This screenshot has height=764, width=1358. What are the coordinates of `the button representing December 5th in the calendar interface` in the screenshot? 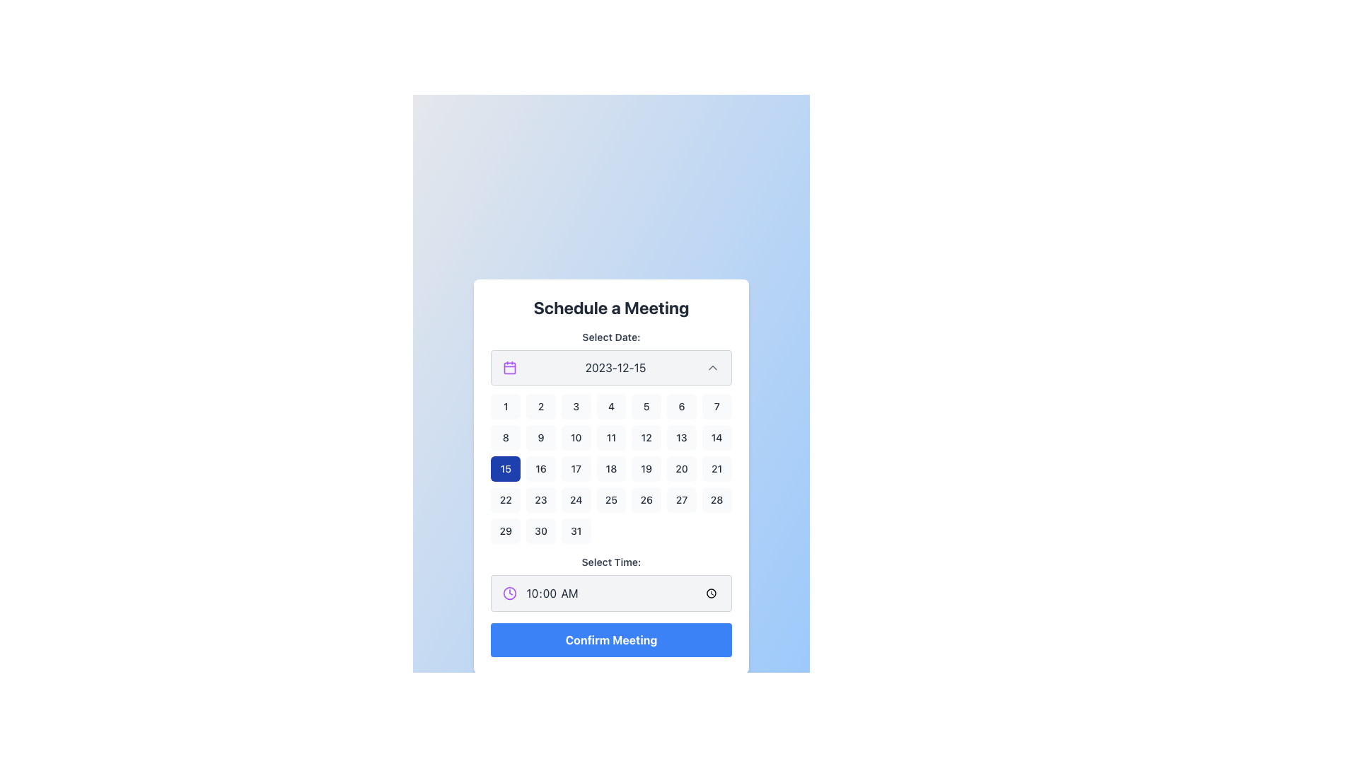 It's located at (646, 406).